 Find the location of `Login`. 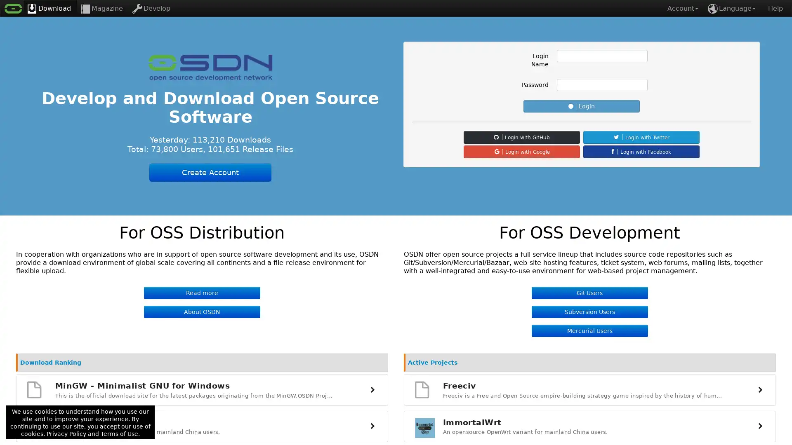

Login is located at coordinates (581, 106).